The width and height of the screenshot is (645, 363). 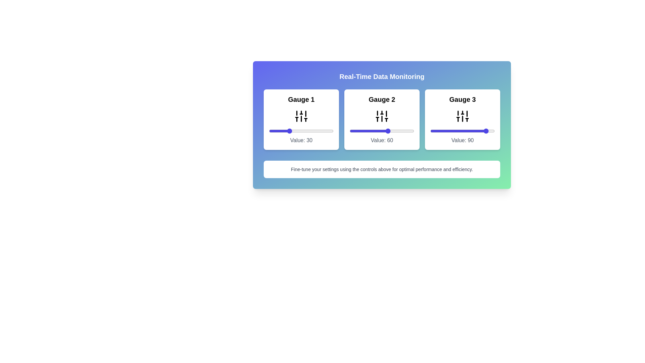 I want to click on the slider located near the bottom center of the 'Gauge 1' box, so click(x=301, y=131).